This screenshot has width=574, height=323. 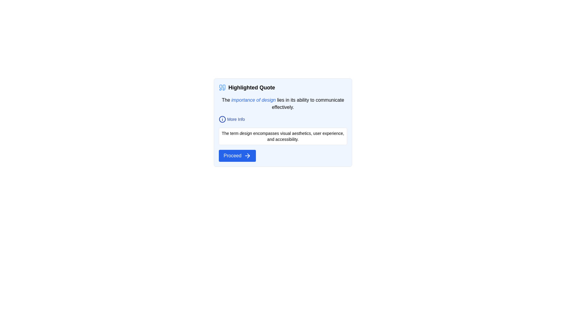 What do you see at coordinates (254, 100) in the screenshot?
I see `hyperlink-style text that emphasizes the topic 'importance of design' for its styling` at bounding box center [254, 100].